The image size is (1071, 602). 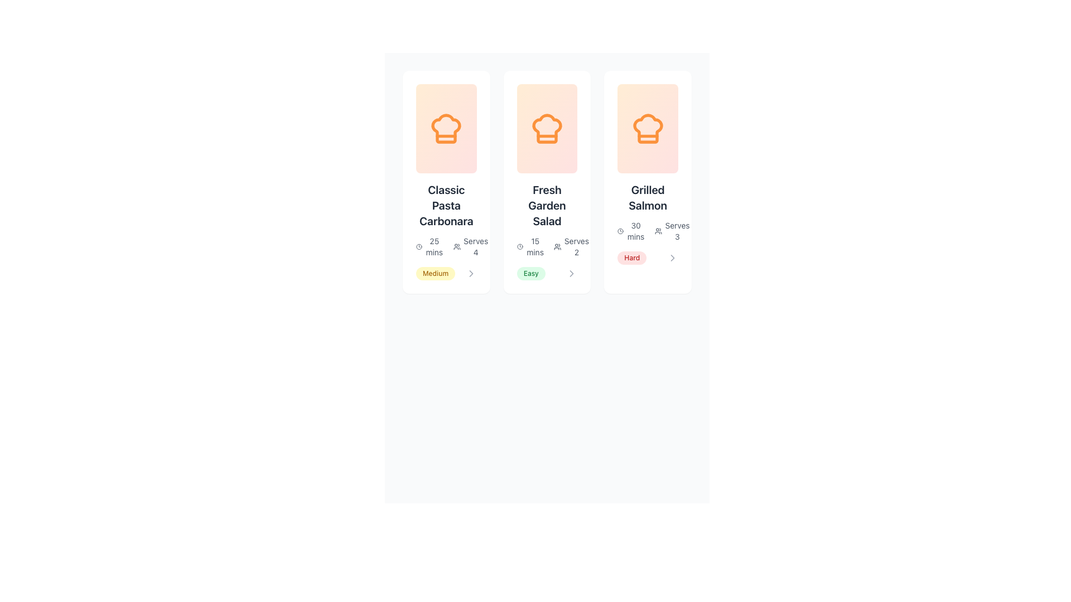 I want to click on the Chevron icon located in the bottom-right of the 'Grilled Salmon' card, adjacent to the 'Hard' difficulty badge, so click(x=672, y=258).